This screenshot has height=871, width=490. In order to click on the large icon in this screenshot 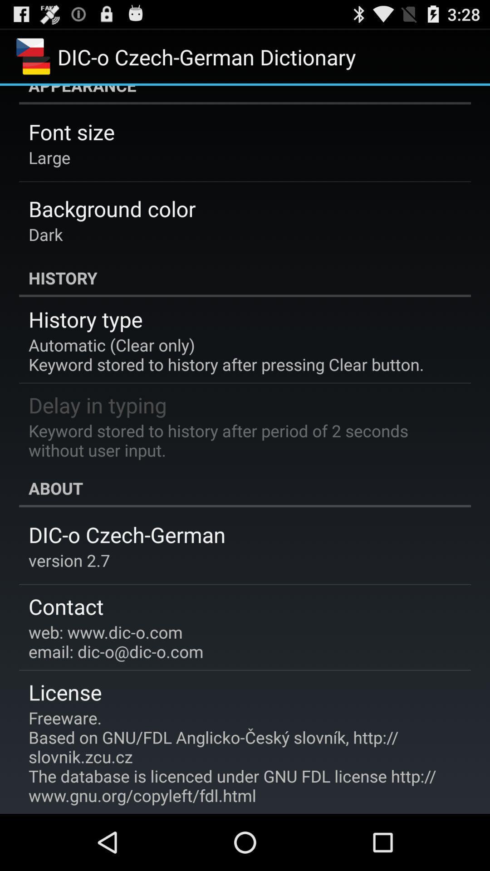, I will do `click(49, 157)`.